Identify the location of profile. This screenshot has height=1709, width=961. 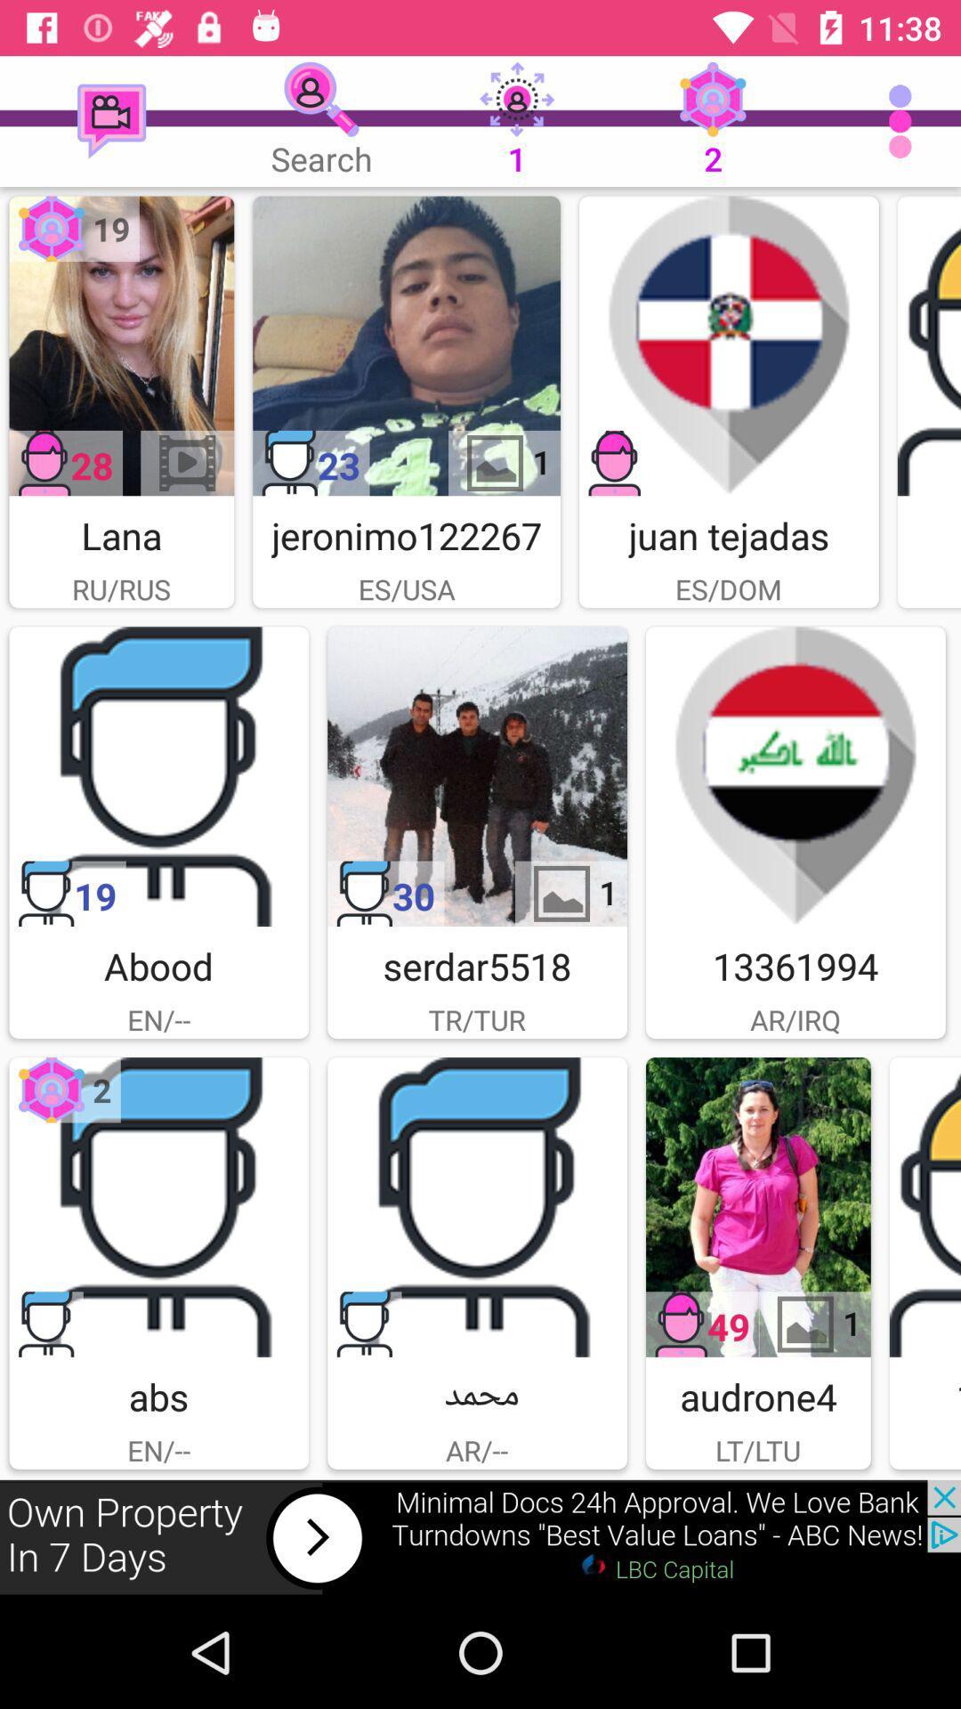
(476, 1207).